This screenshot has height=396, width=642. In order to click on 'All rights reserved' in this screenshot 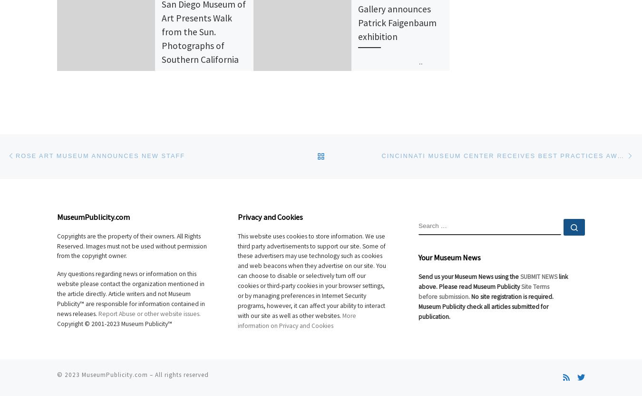, I will do `click(182, 374)`.